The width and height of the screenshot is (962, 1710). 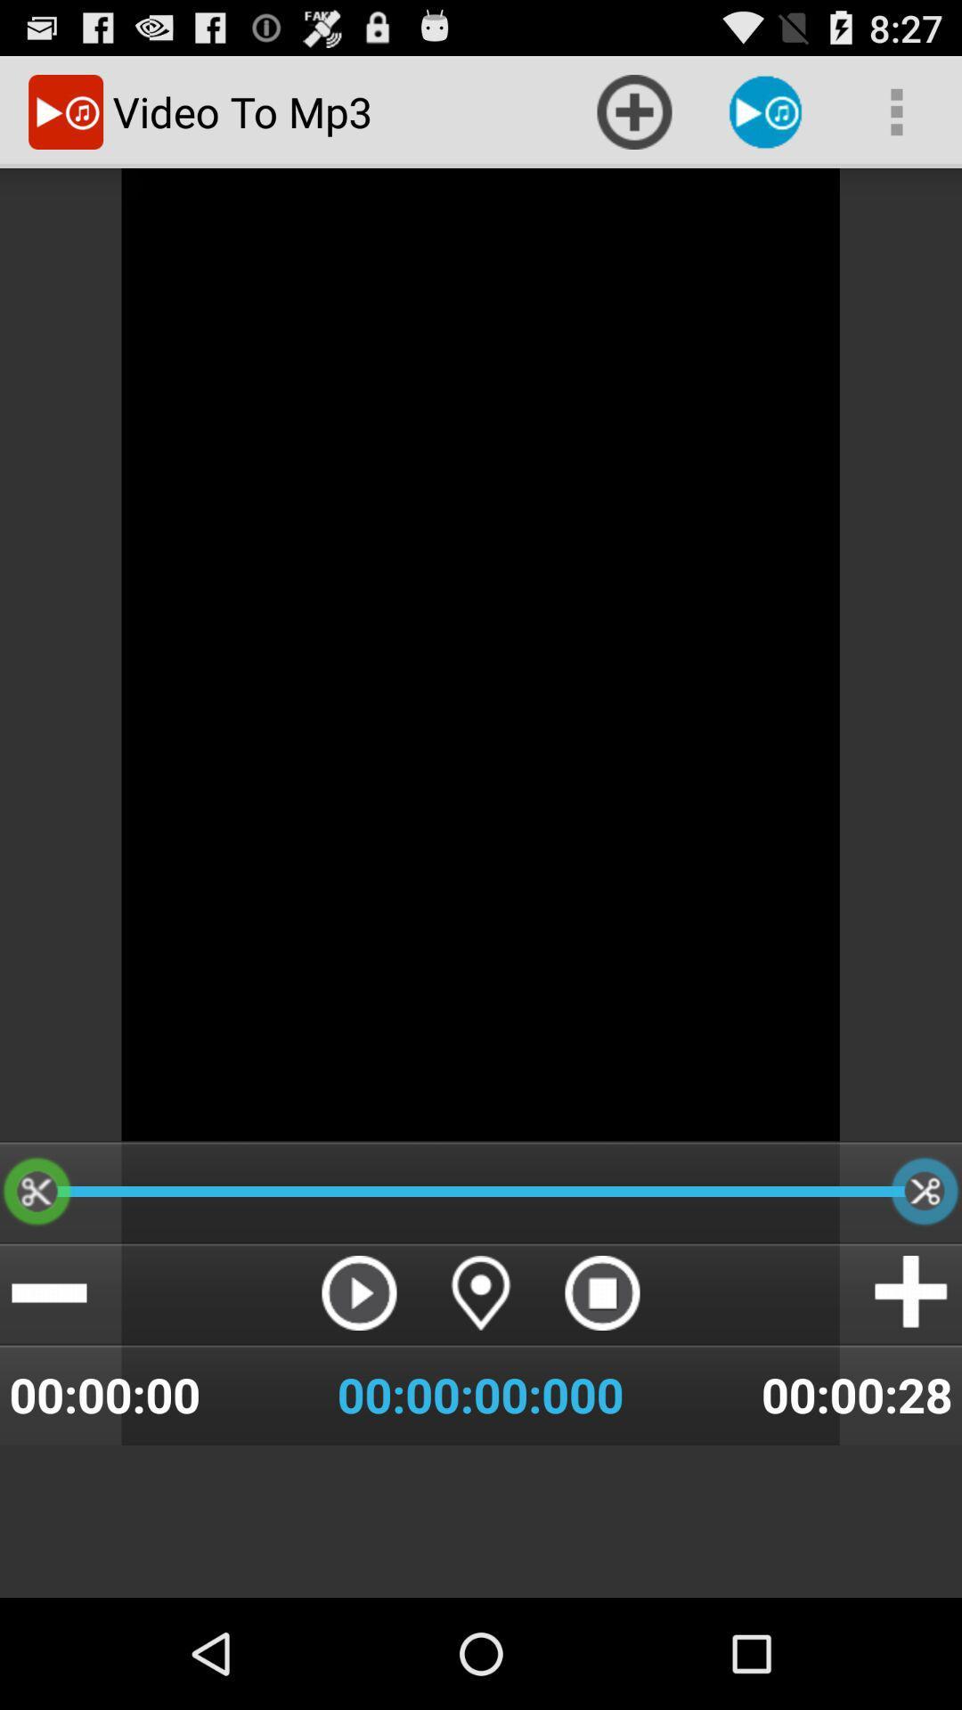 I want to click on the location icon, so click(x=481, y=1383).